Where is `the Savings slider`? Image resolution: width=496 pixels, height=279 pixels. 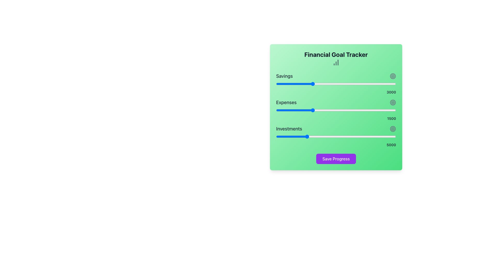 the Savings slider is located at coordinates (337, 83).